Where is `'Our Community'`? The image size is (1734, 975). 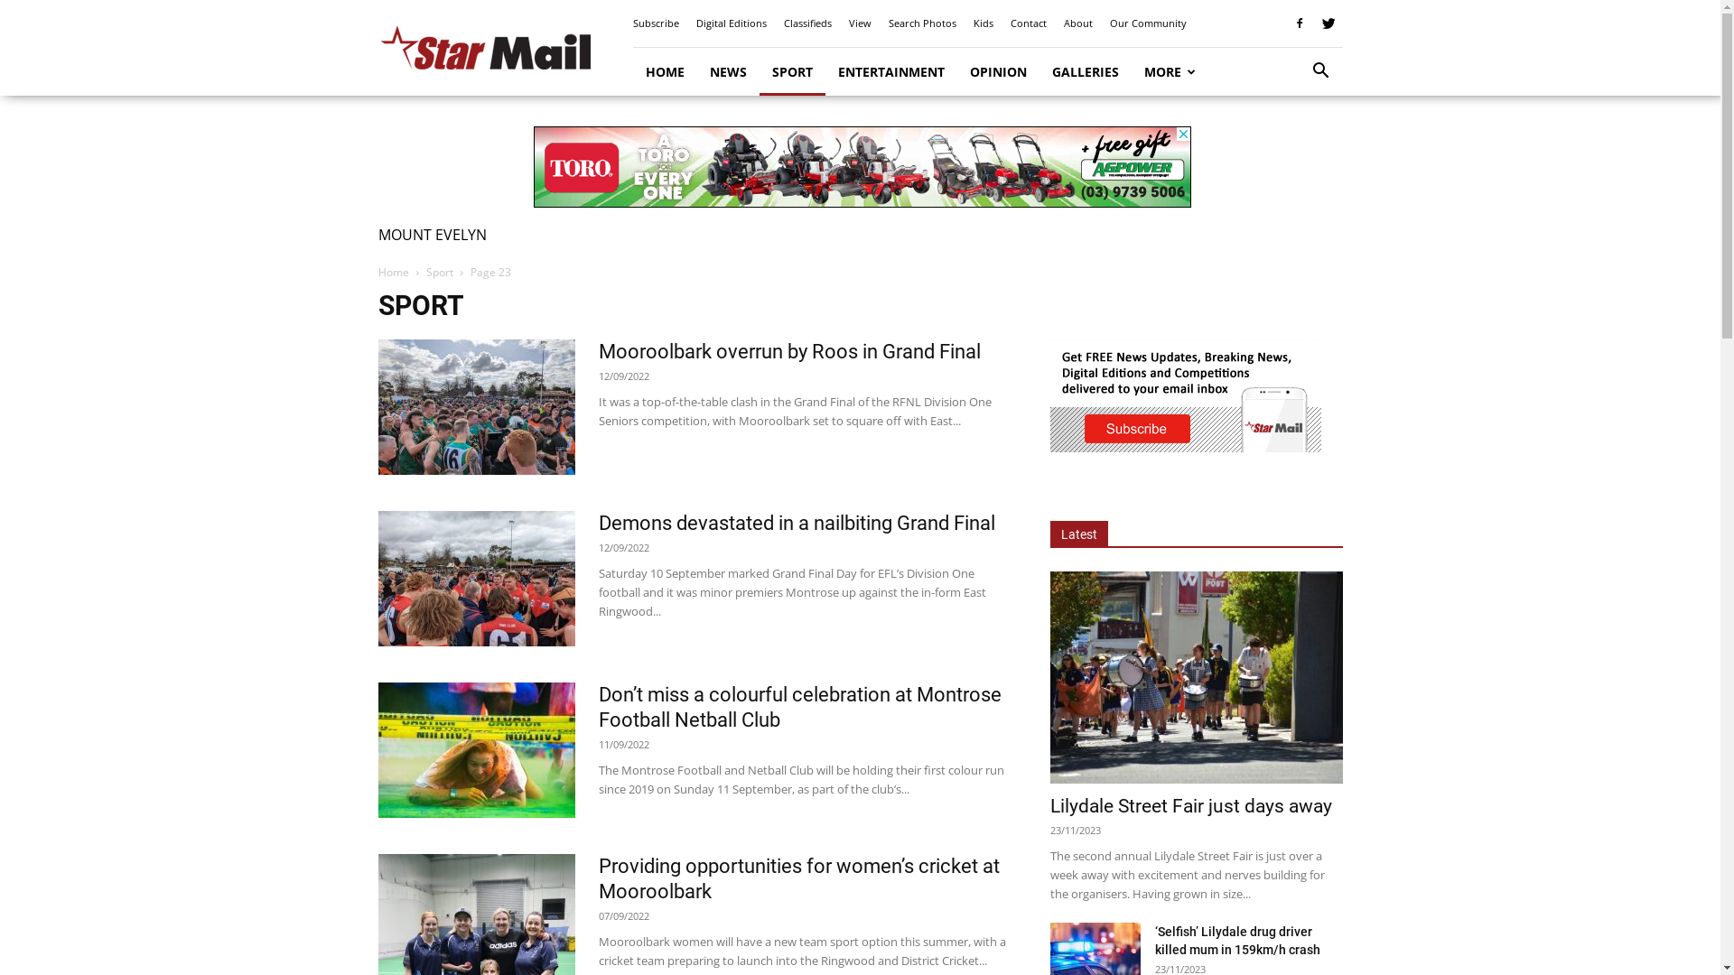 'Our Community' is located at coordinates (1146, 23).